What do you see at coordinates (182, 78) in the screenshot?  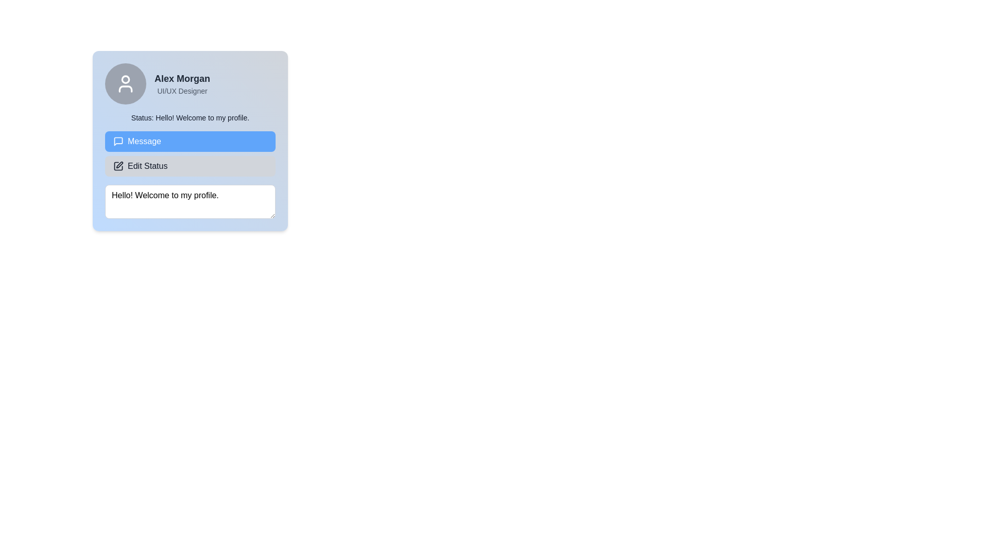 I see `the text display element that represents the user's identity within the profile card, located at the upper section and centrally aligned` at bounding box center [182, 78].